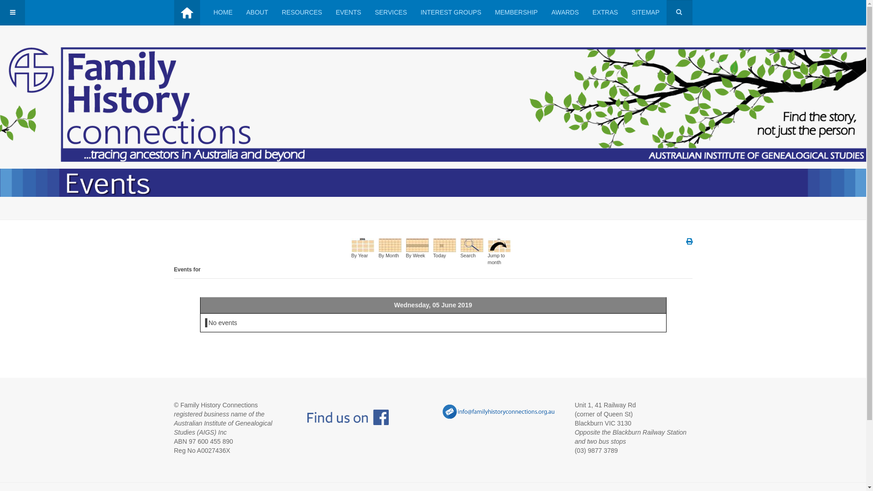 This screenshot has height=491, width=873. What do you see at coordinates (551, 12) in the screenshot?
I see `'AWARDS'` at bounding box center [551, 12].